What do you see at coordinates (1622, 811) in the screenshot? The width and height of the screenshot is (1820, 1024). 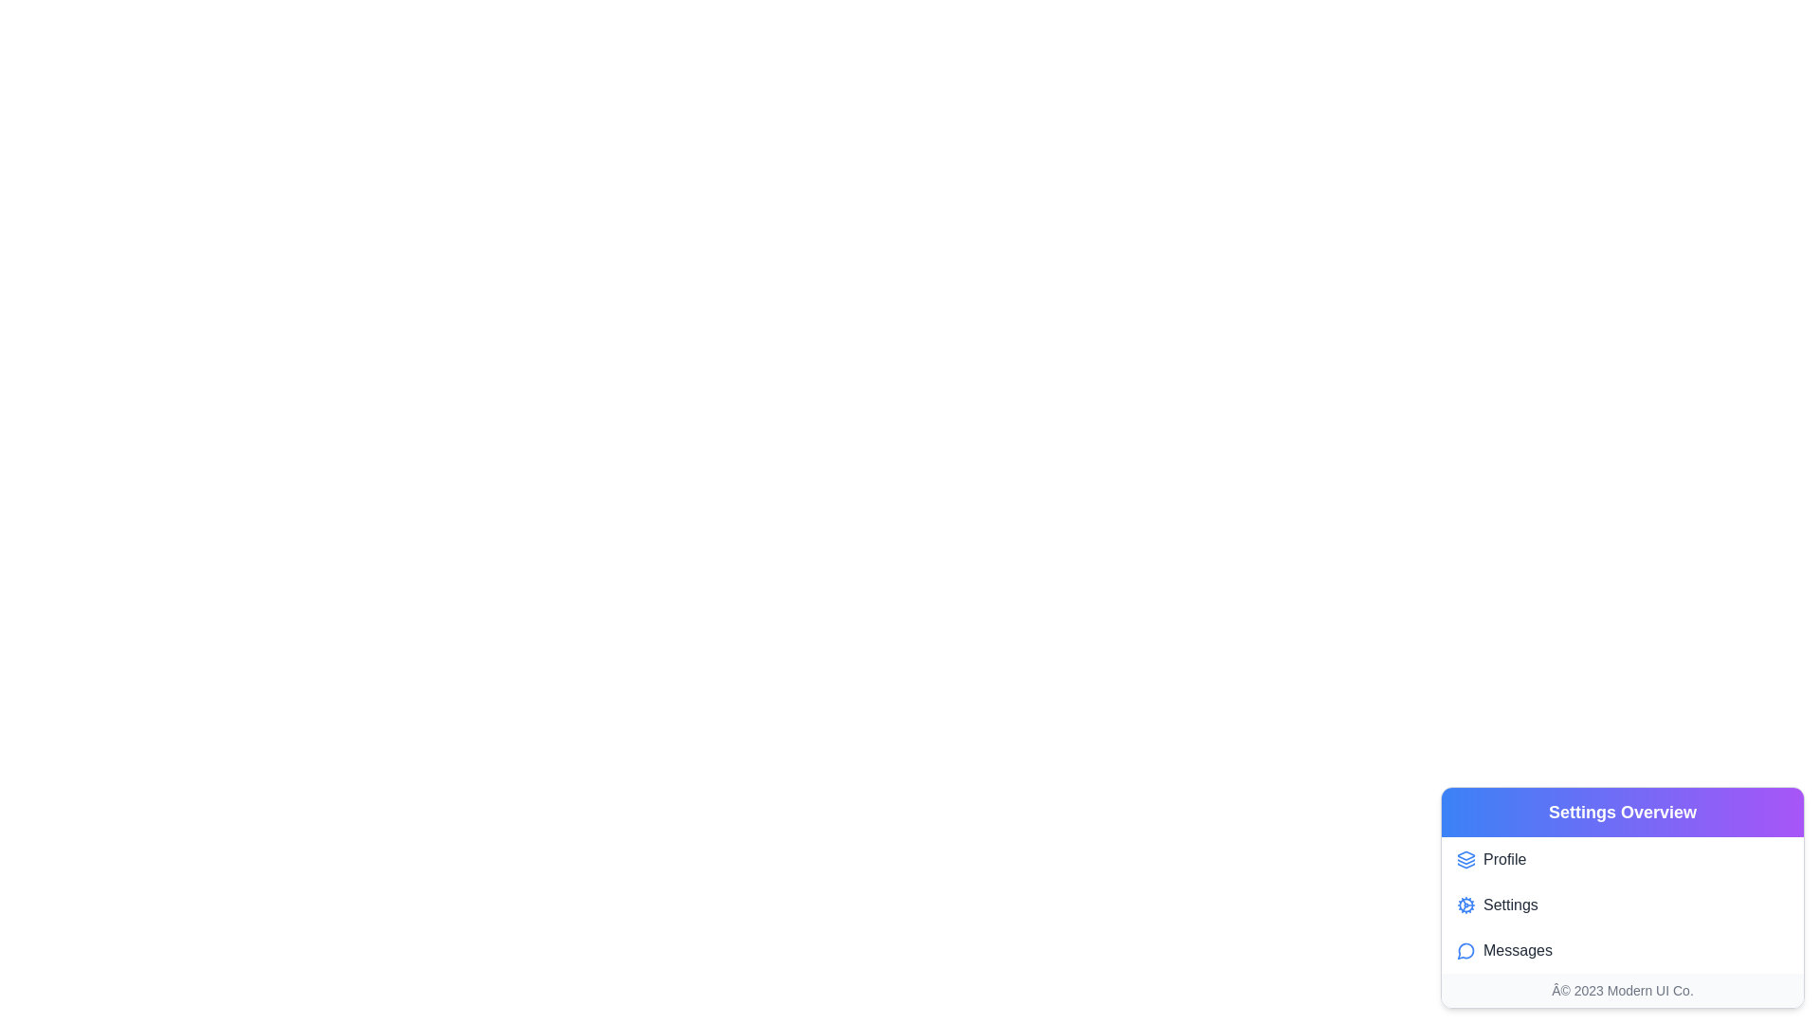 I see `the 'Settings Overview' header, which is a rectangular header with a gradient background from blue to purple, containing bold white text centered within it` at bounding box center [1622, 811].